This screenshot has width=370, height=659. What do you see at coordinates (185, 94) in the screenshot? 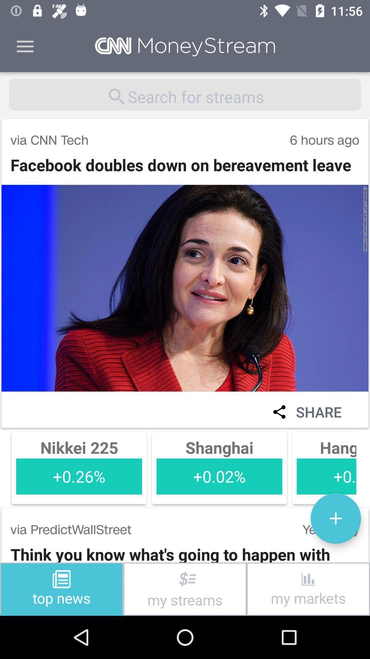
I see `search bar` at bounding box center [185, 94].